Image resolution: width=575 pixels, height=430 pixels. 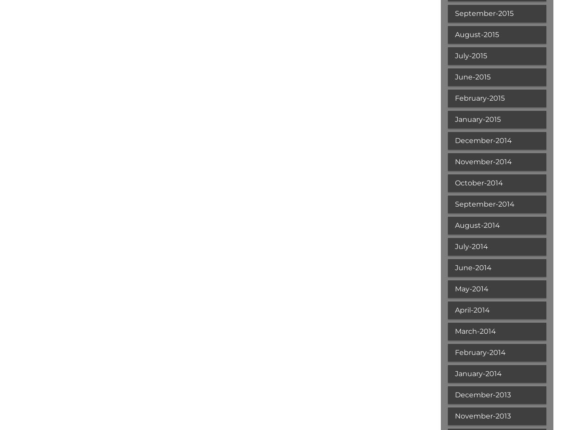 What do you see at coordinates (476, 225) in the screenshot?
I see `'August-2014'` at bounding box center [476, 225].